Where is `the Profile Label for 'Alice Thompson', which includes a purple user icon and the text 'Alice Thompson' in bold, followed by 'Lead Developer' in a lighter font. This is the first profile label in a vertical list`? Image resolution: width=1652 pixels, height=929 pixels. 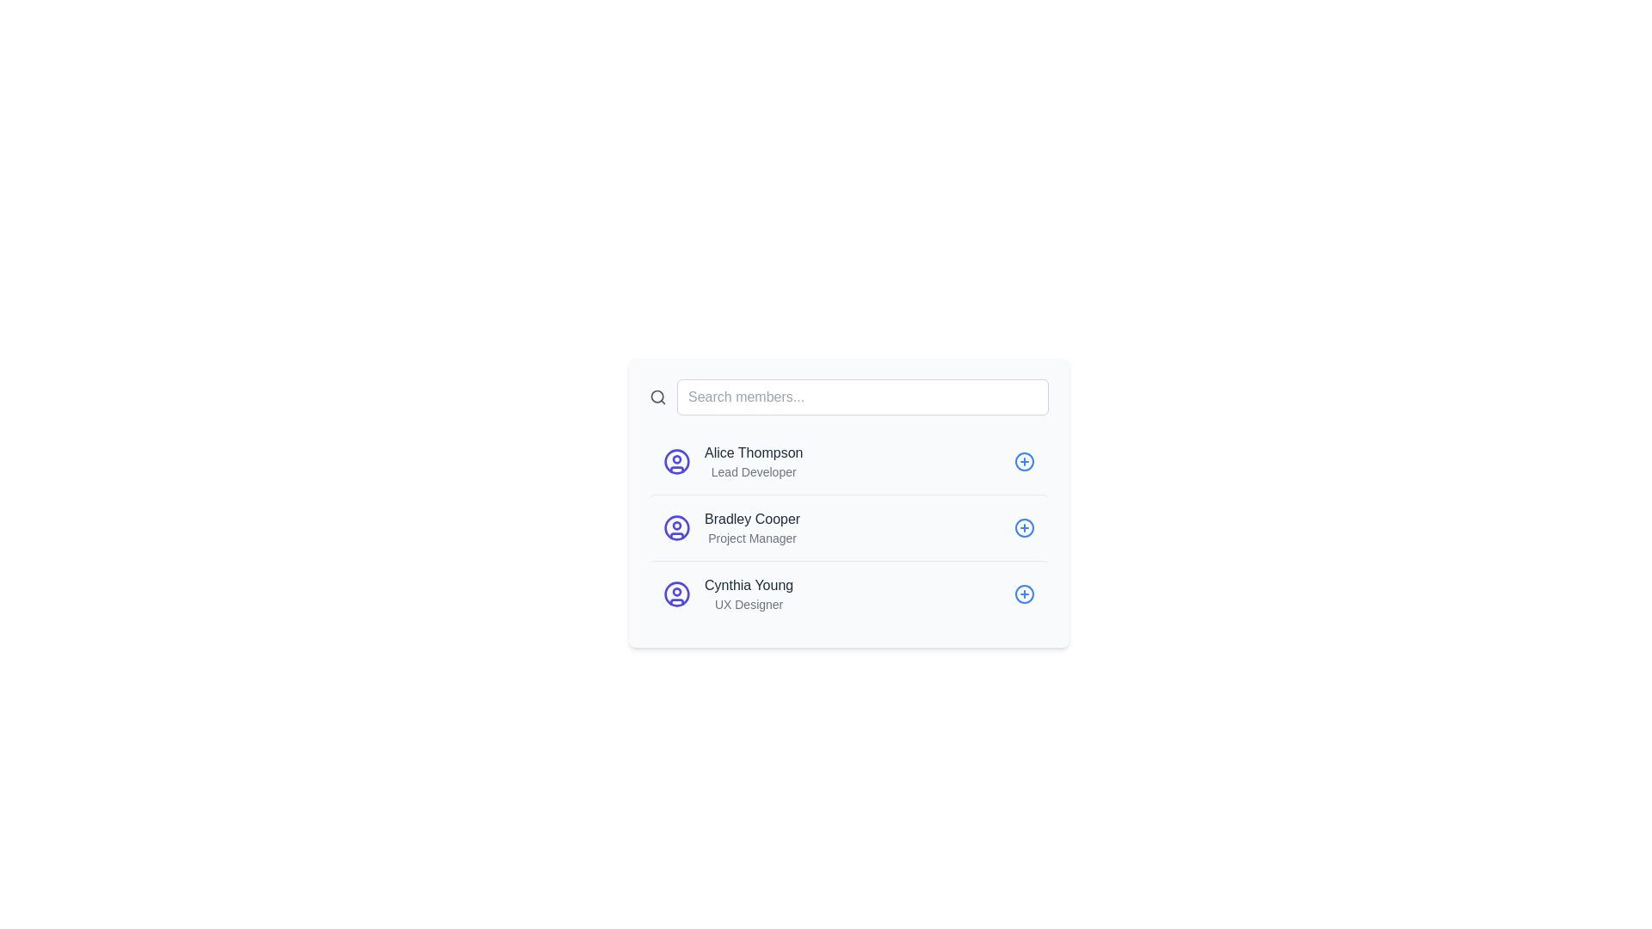
the Profile Label for 'Alice Thompson', which includes a purple user icon and the text 'Alice Thompson' in bold, followed by 'Lead Developer' in a lighter font. This is the first profile label in a vertical list is located at coordinates (733, 460).